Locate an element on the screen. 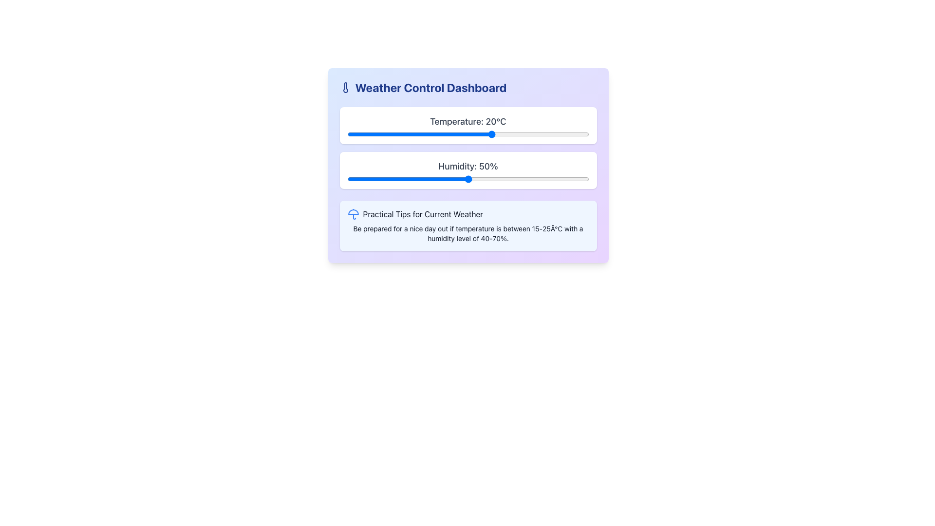 The image size is (935, 526). the Header text with accompanying icon, which serves as the title for the dashboard is located at coordinates (468, 88).